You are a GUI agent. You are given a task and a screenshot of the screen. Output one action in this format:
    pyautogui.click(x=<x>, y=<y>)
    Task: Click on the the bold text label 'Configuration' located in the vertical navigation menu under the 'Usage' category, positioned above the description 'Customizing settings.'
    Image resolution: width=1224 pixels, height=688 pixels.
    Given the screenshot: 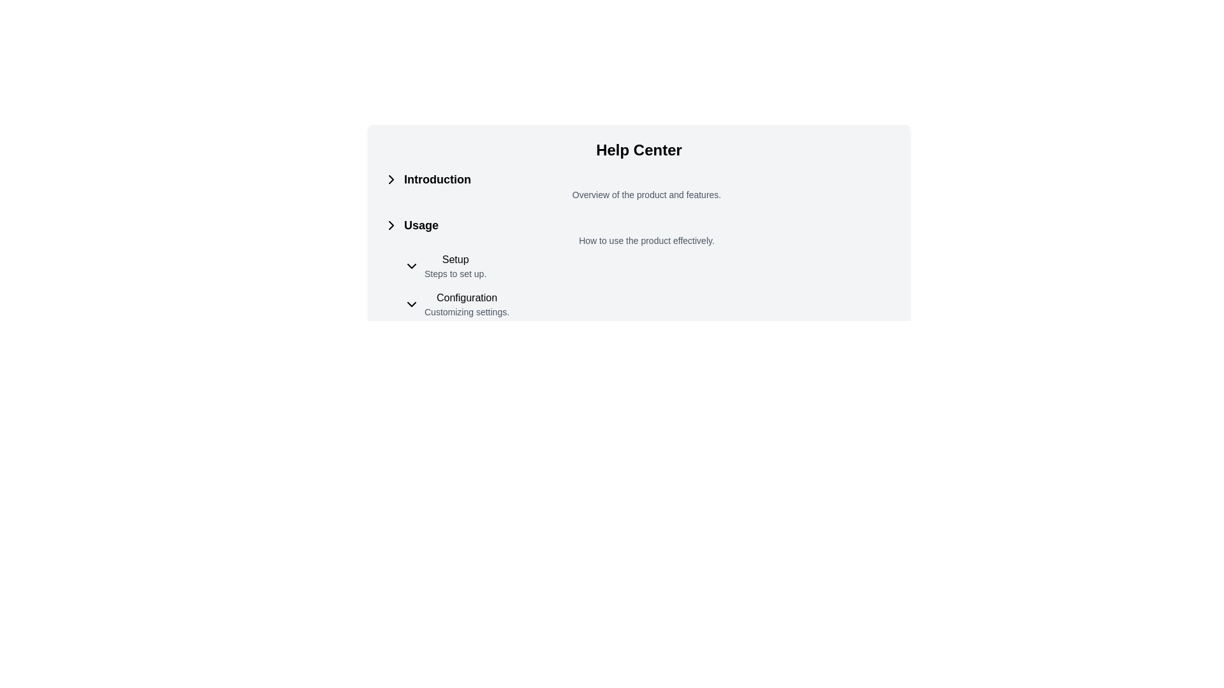 What is the action you would take?
    pyautogui.click(x=466, y=297)
    